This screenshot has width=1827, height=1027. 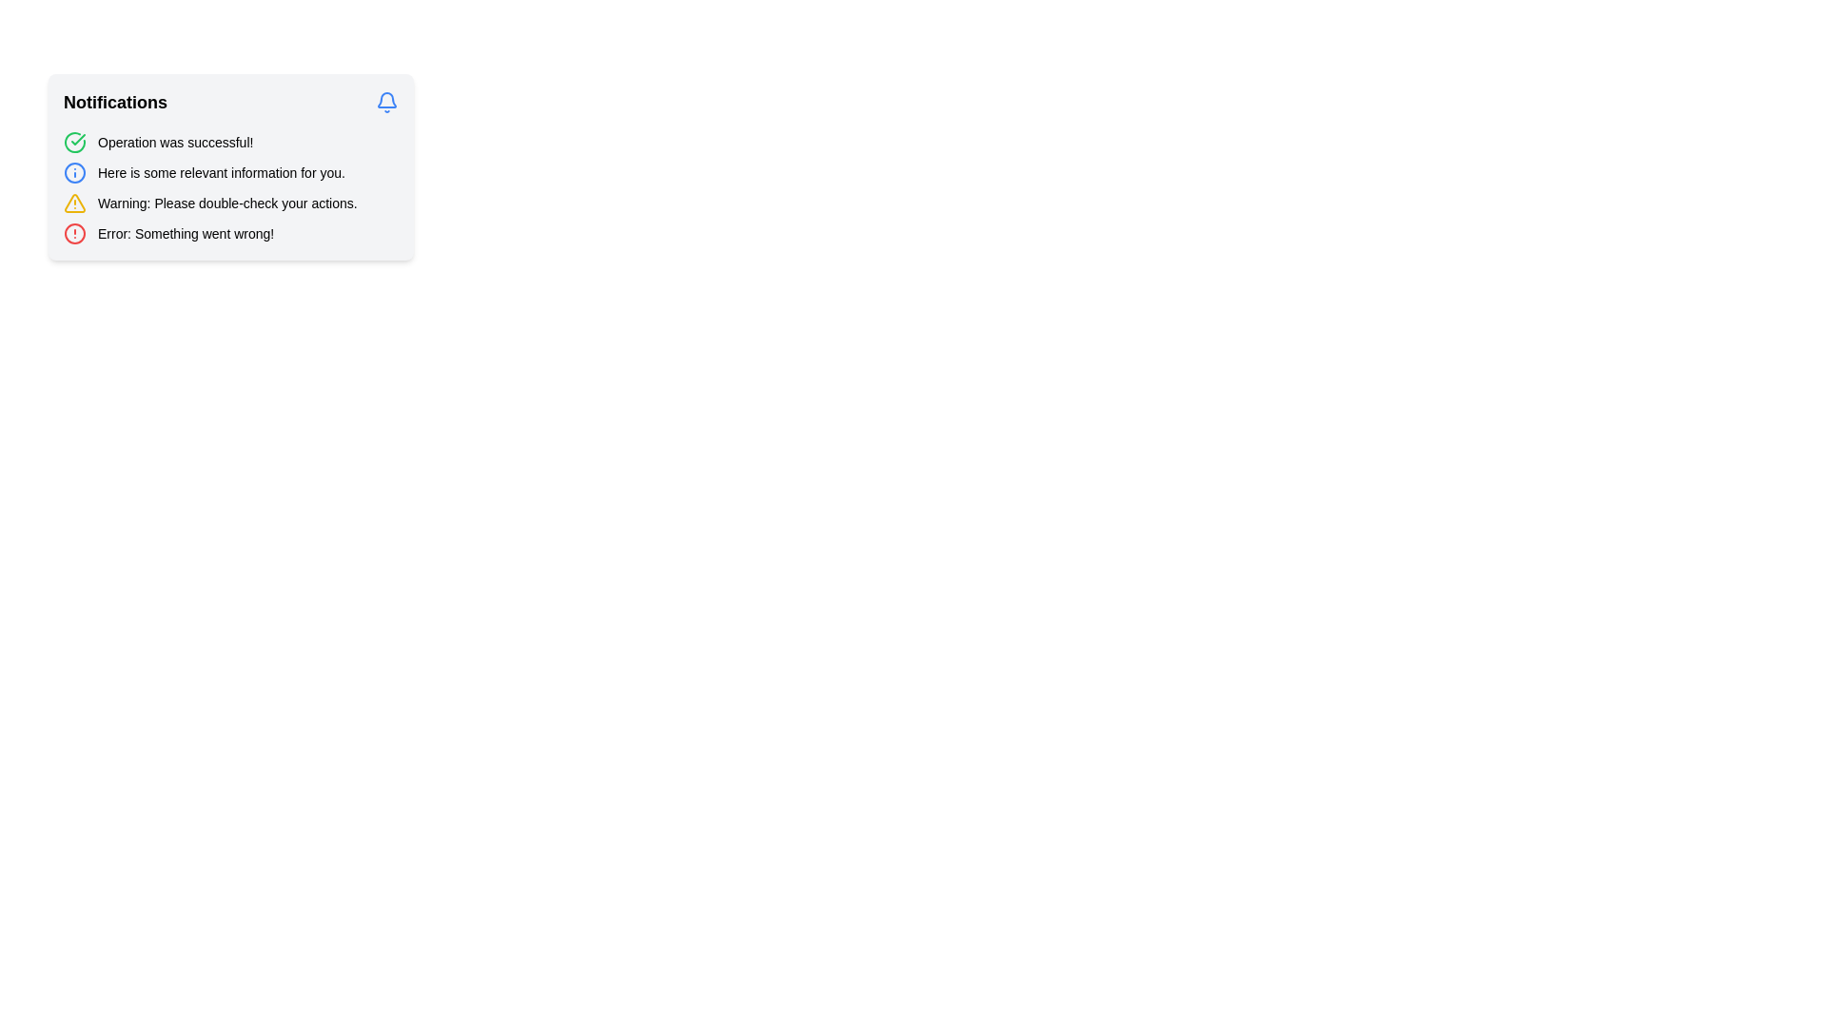 What do you see at coordinates (114, 103) in the screenshot?
I see `text of the notification section title located in the top-left corner of the notification panel` at bounding box center [114, 103].